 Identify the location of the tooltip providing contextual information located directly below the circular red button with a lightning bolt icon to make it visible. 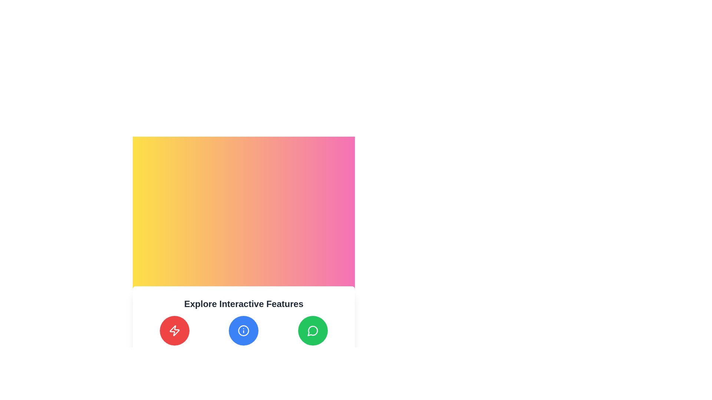
(174, 362).